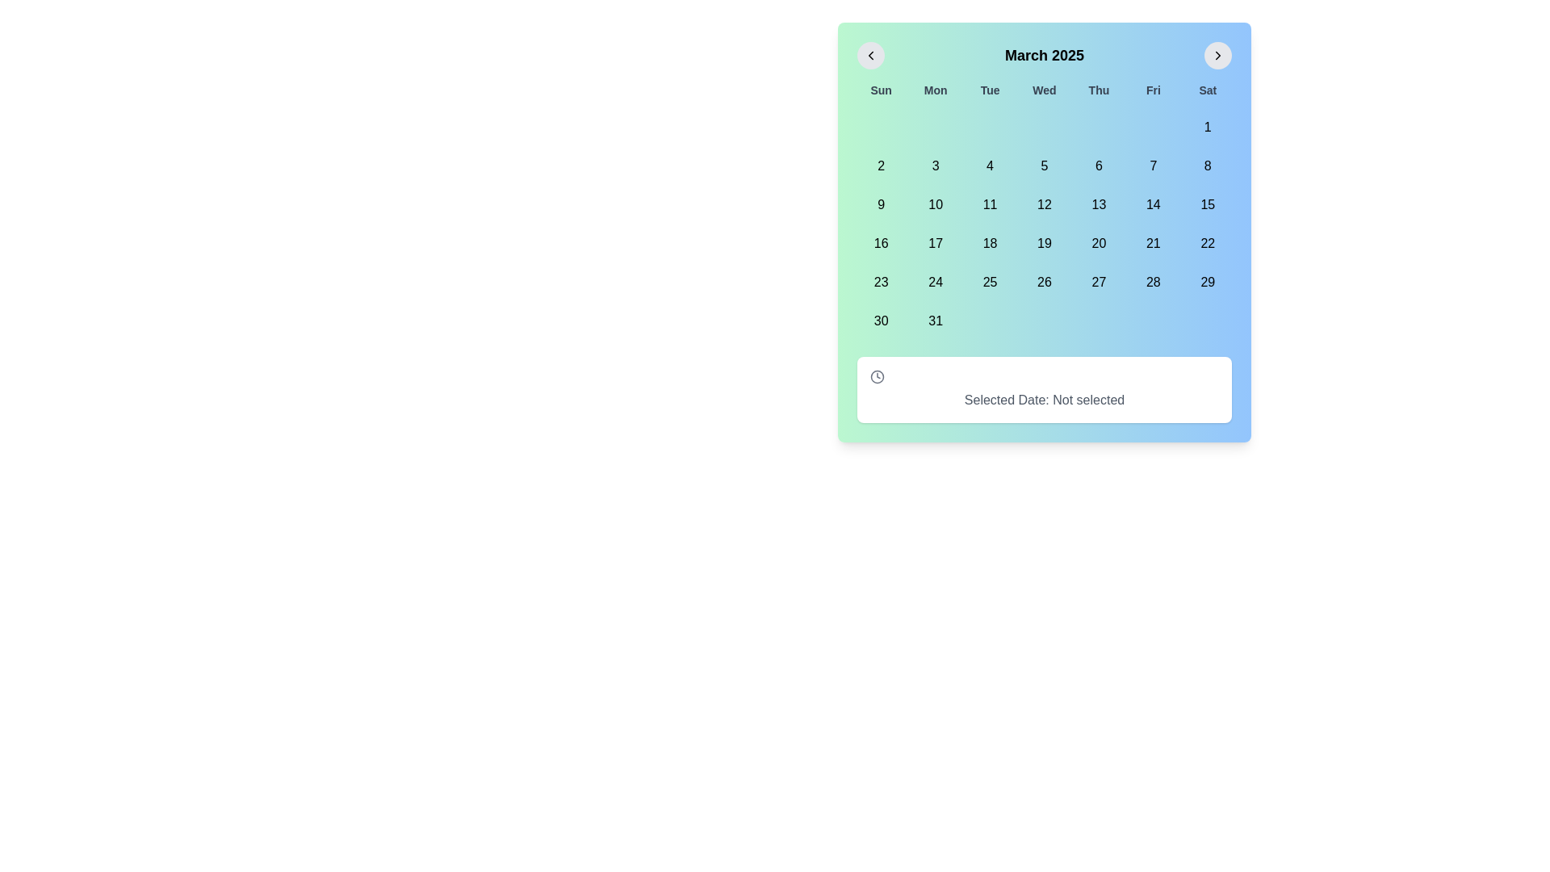  What do you see at coordinates (989, 166) in the screenshot?
I see `the rounded rectangular button displaying the number '4'` at bounding box center [989, 166].